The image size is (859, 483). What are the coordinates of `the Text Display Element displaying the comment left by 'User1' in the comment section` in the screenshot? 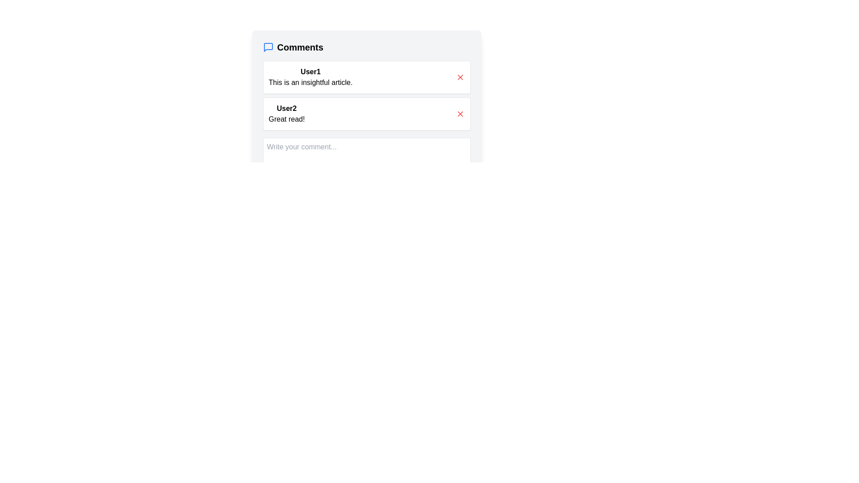 It's located at (310, 82).